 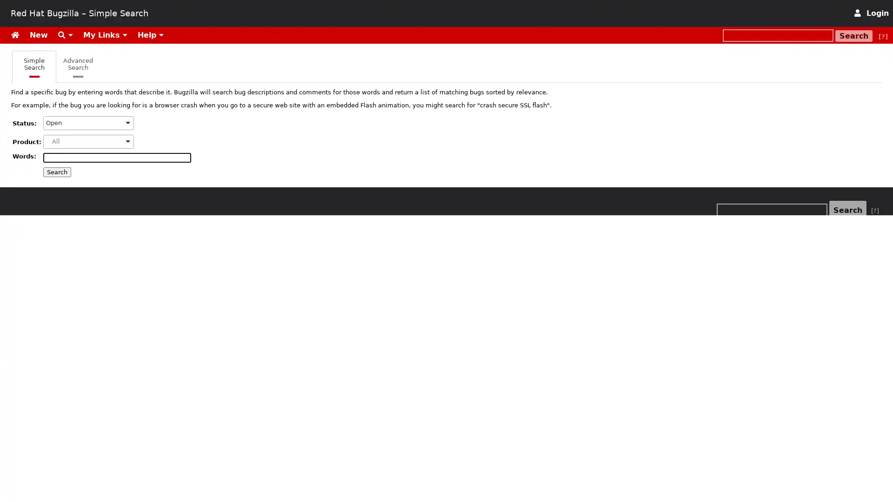 I want to click on Search, so click(x=848, y=210).